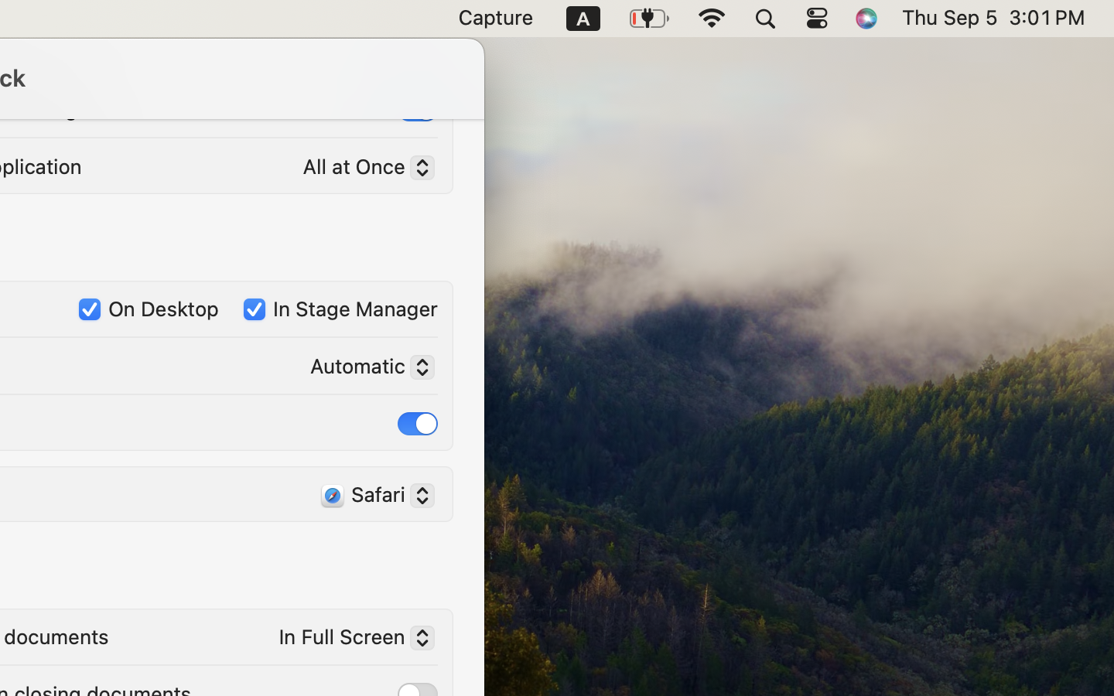  What do you see at coordinates (362, 169) in the screenshot?
I see `'All at Once'` at bounding box center [362, 169].